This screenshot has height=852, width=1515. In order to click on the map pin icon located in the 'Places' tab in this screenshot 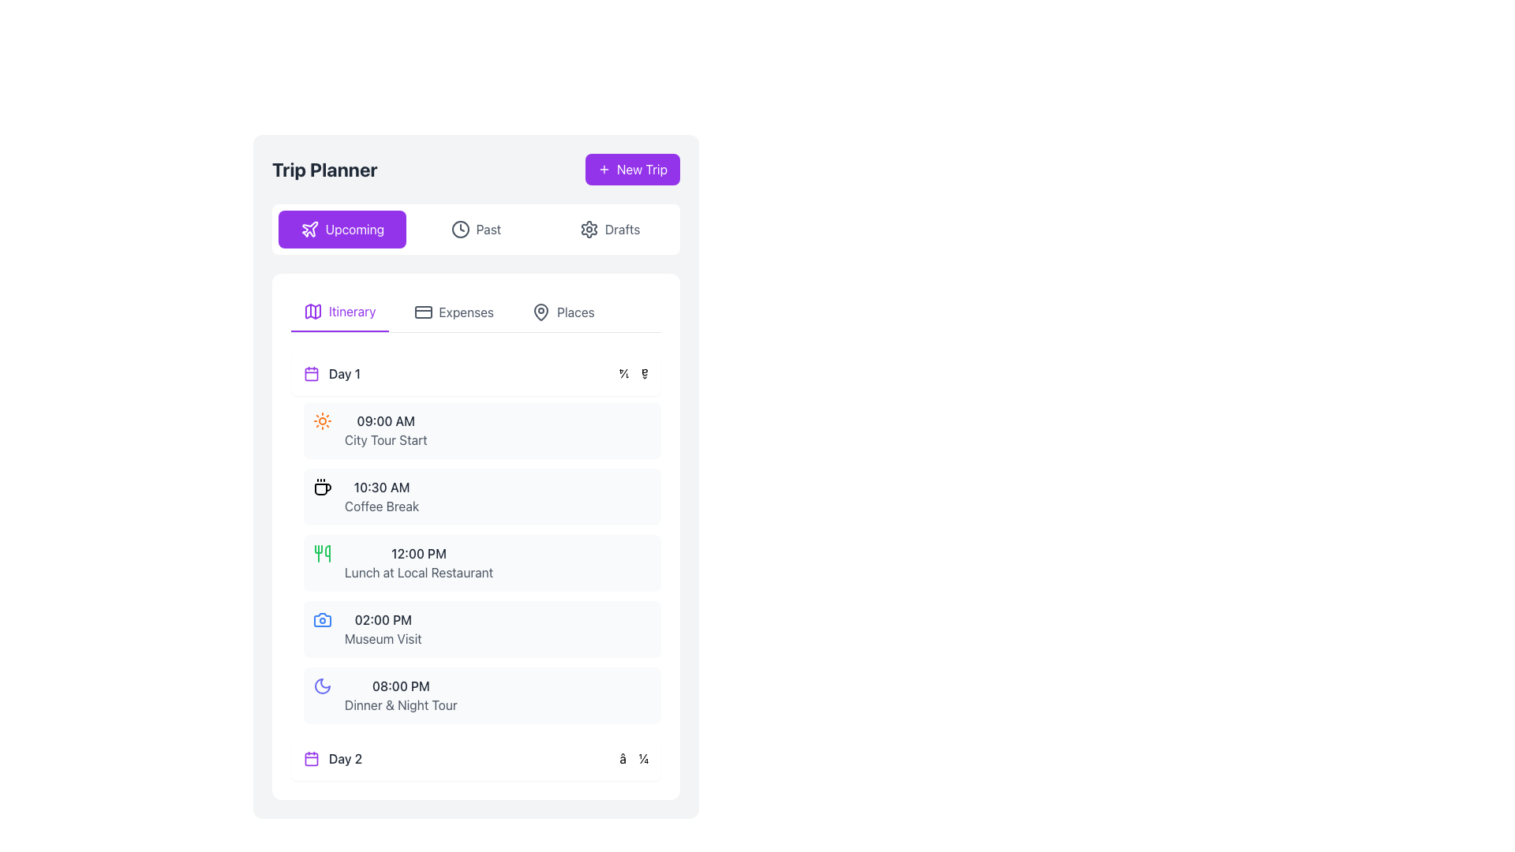, I will do `click(541, 312)`.